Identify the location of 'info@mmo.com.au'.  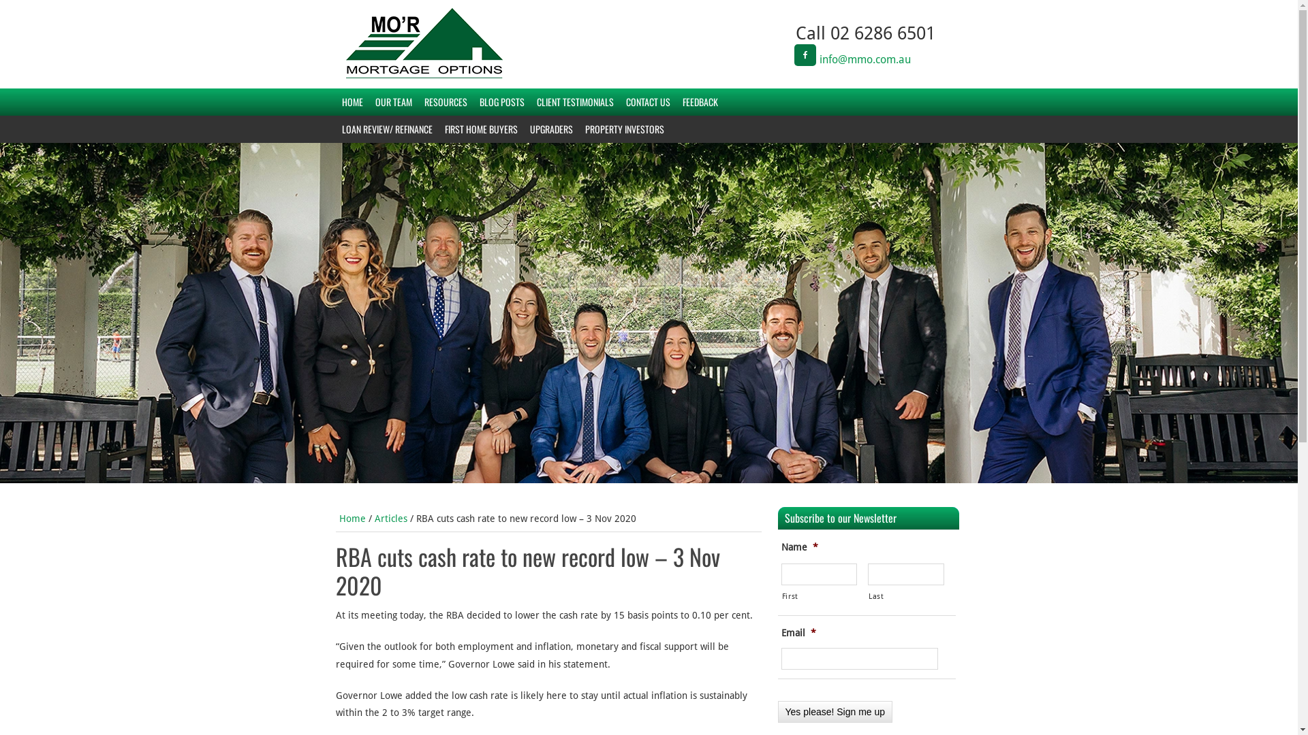
(819, 59).